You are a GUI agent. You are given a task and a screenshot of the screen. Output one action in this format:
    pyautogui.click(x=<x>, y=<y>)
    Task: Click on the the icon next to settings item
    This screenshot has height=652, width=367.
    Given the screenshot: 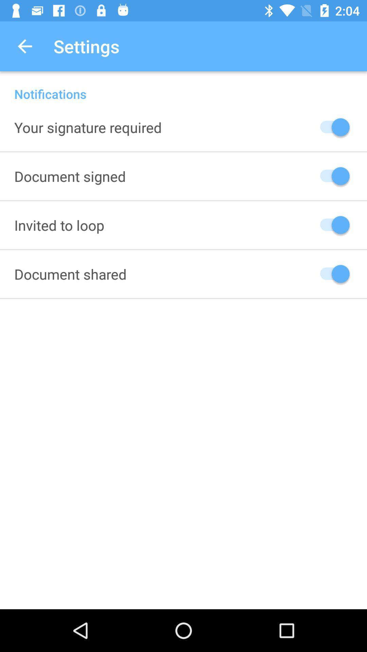 What is the action you would take?
    pyautogui.click(x=24, y=46)
    